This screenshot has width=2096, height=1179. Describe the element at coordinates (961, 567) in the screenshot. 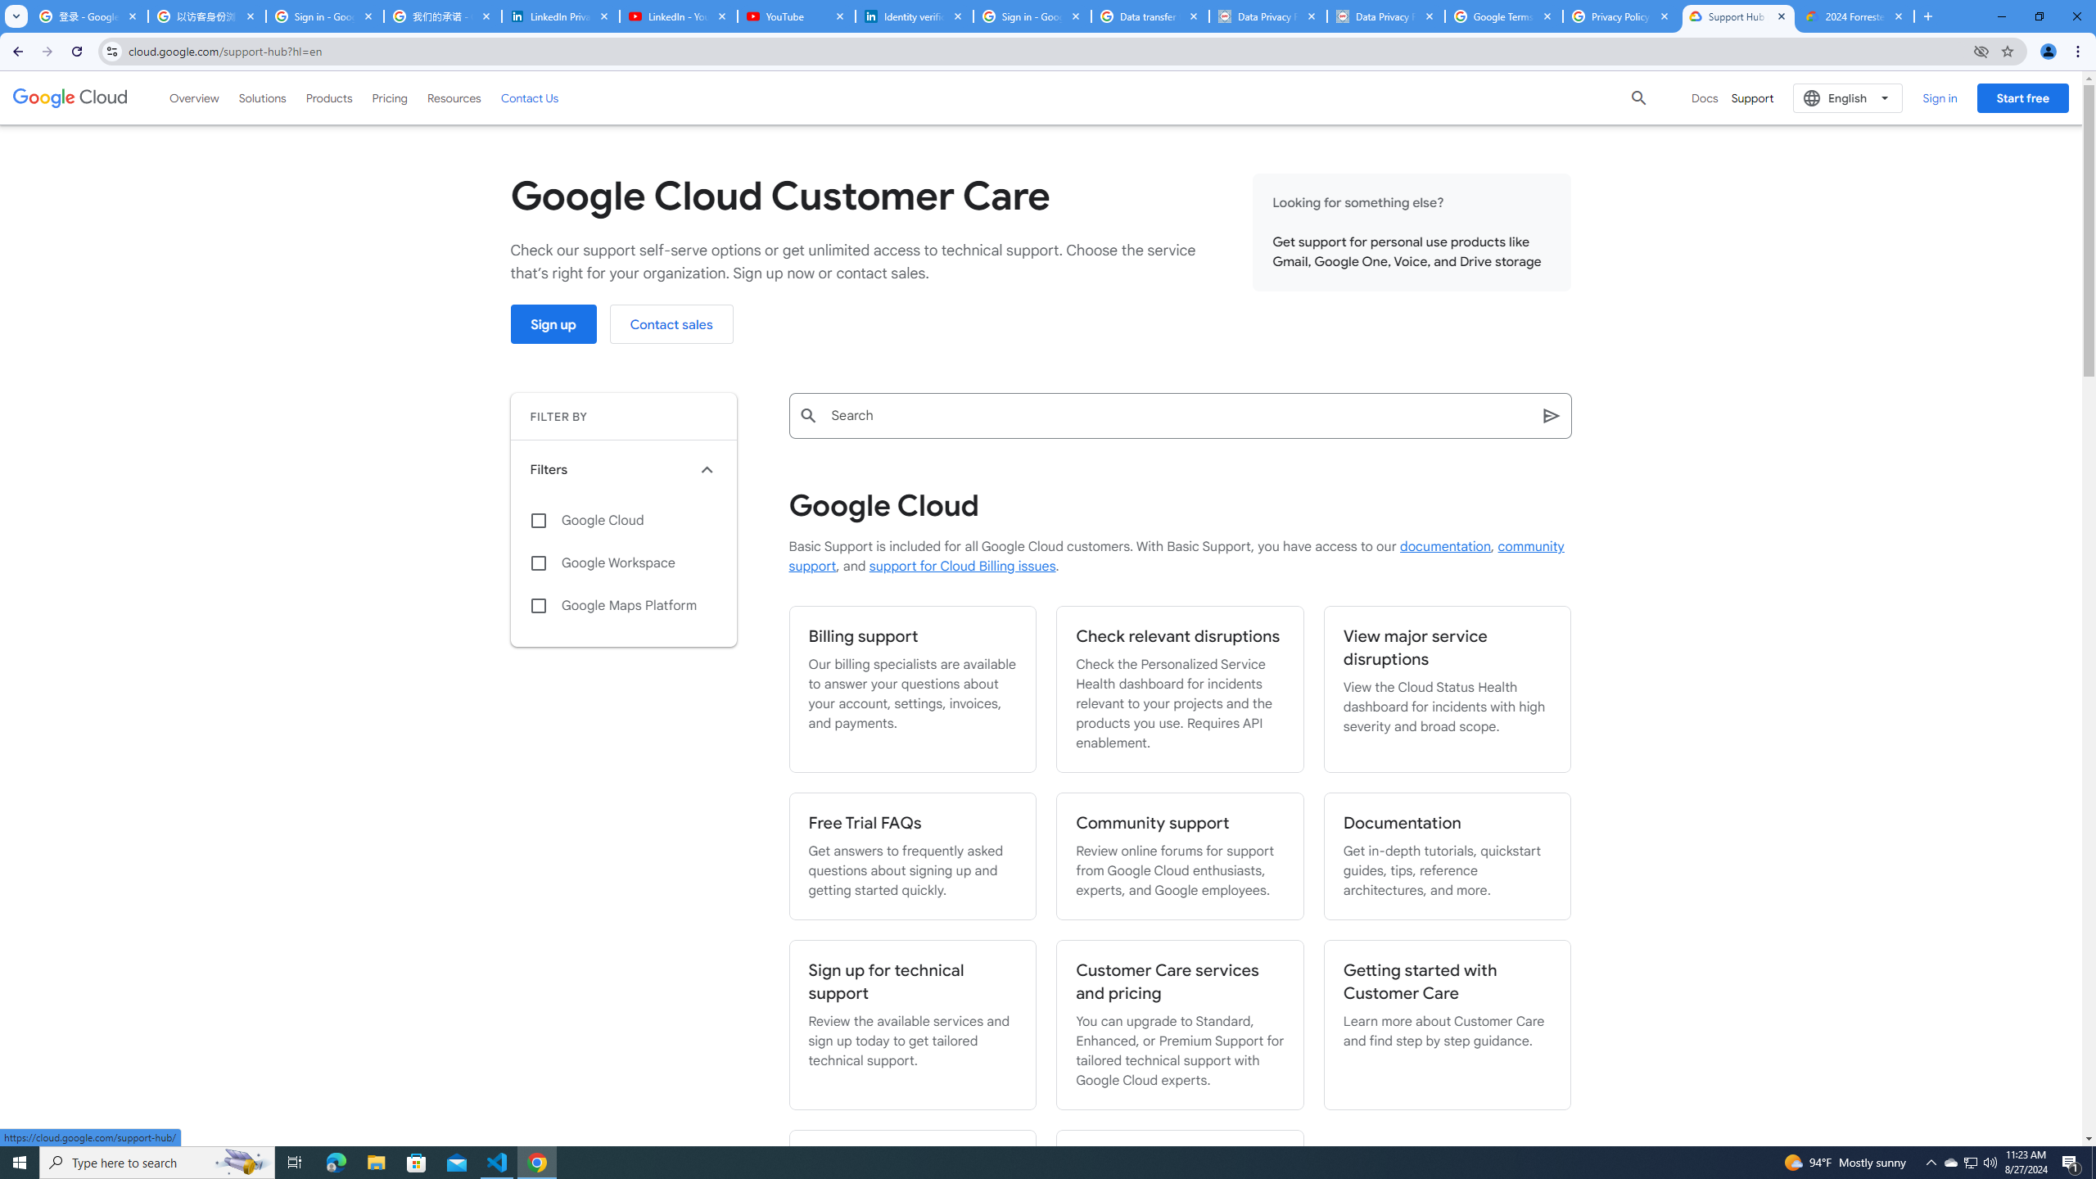

I see `'support for Cloud Billing issues'` at that location.